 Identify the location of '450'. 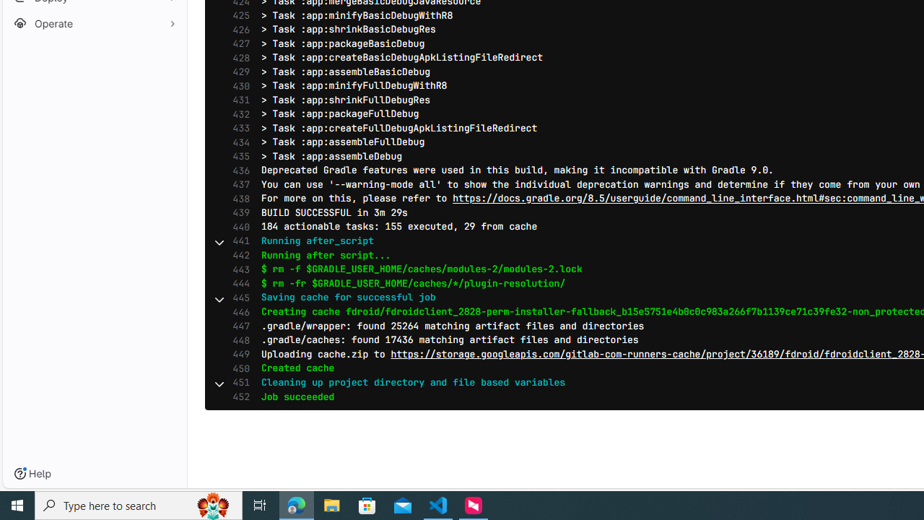
(237, 368).